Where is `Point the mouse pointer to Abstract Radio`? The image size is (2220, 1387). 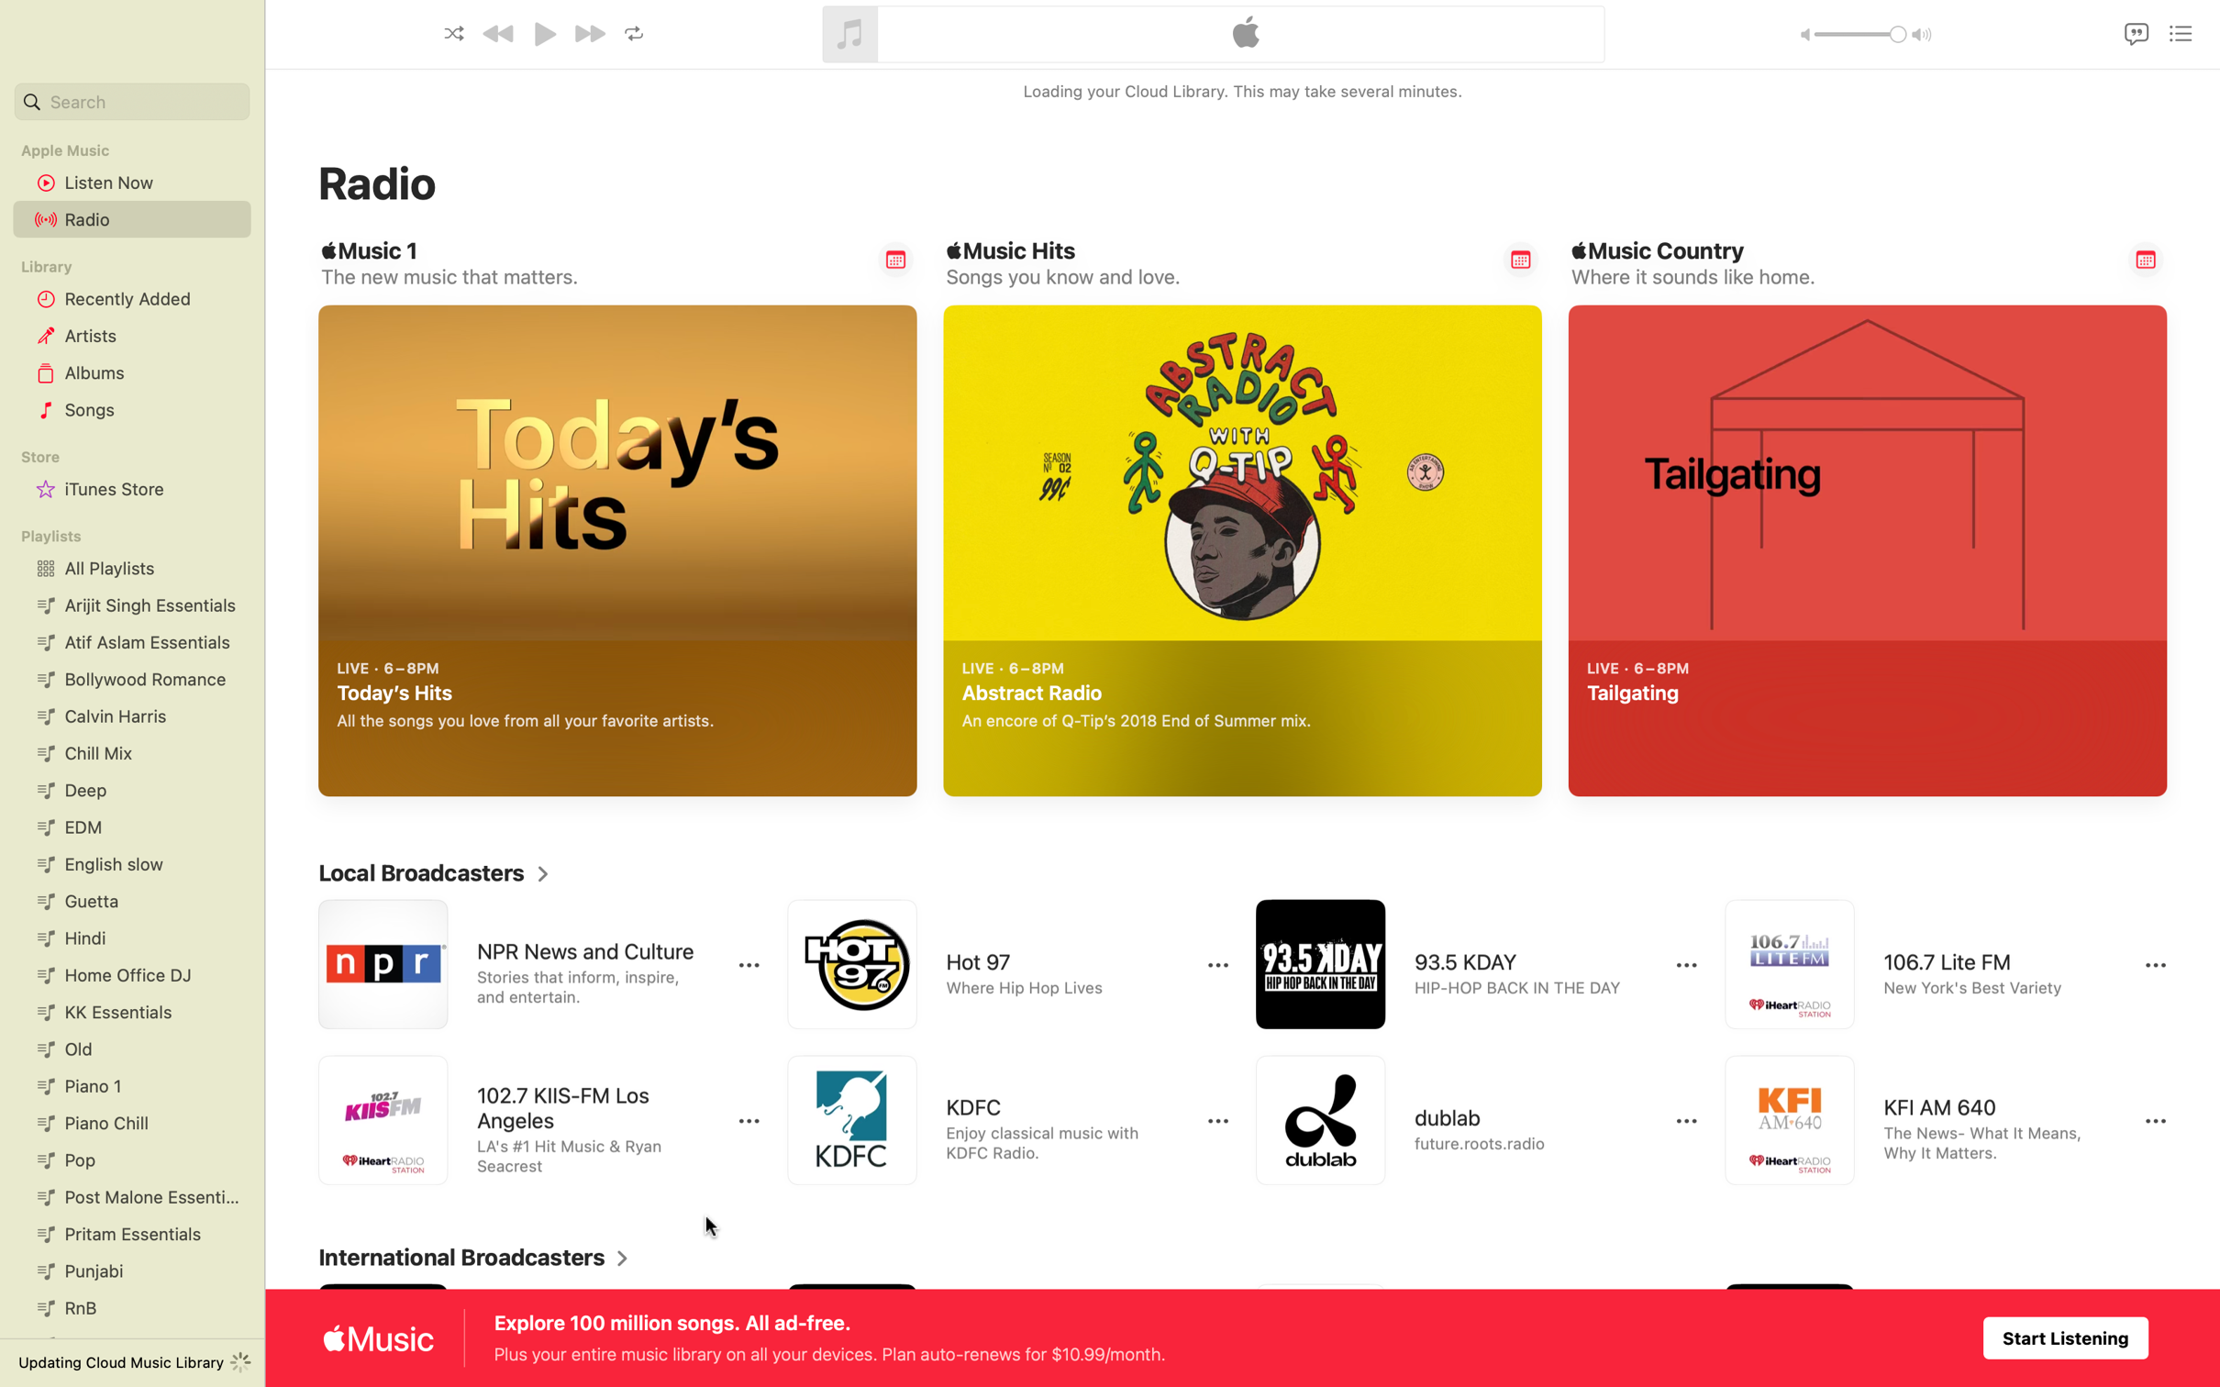
Point the mouse pointer to Abstract Radio is located at coordinates (4172490, 1153984).